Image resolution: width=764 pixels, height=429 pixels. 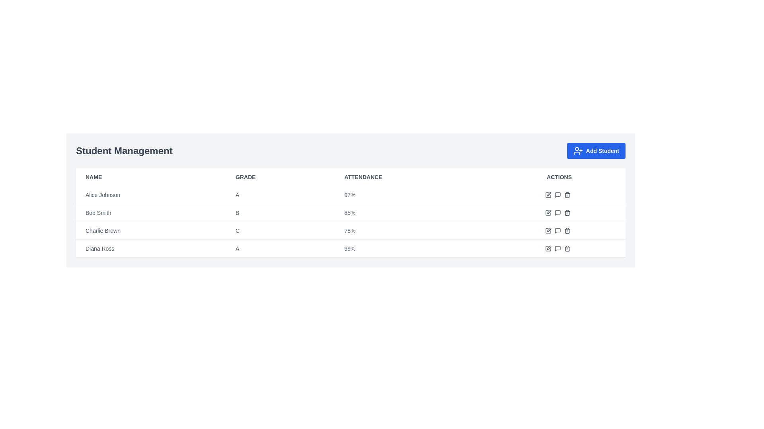 I want to click on the delete button in the 'ACTIONS' column for the row corresponding to 'Bob Smith' to observe tooltip or visual feedback, so click(x=567, y=213).